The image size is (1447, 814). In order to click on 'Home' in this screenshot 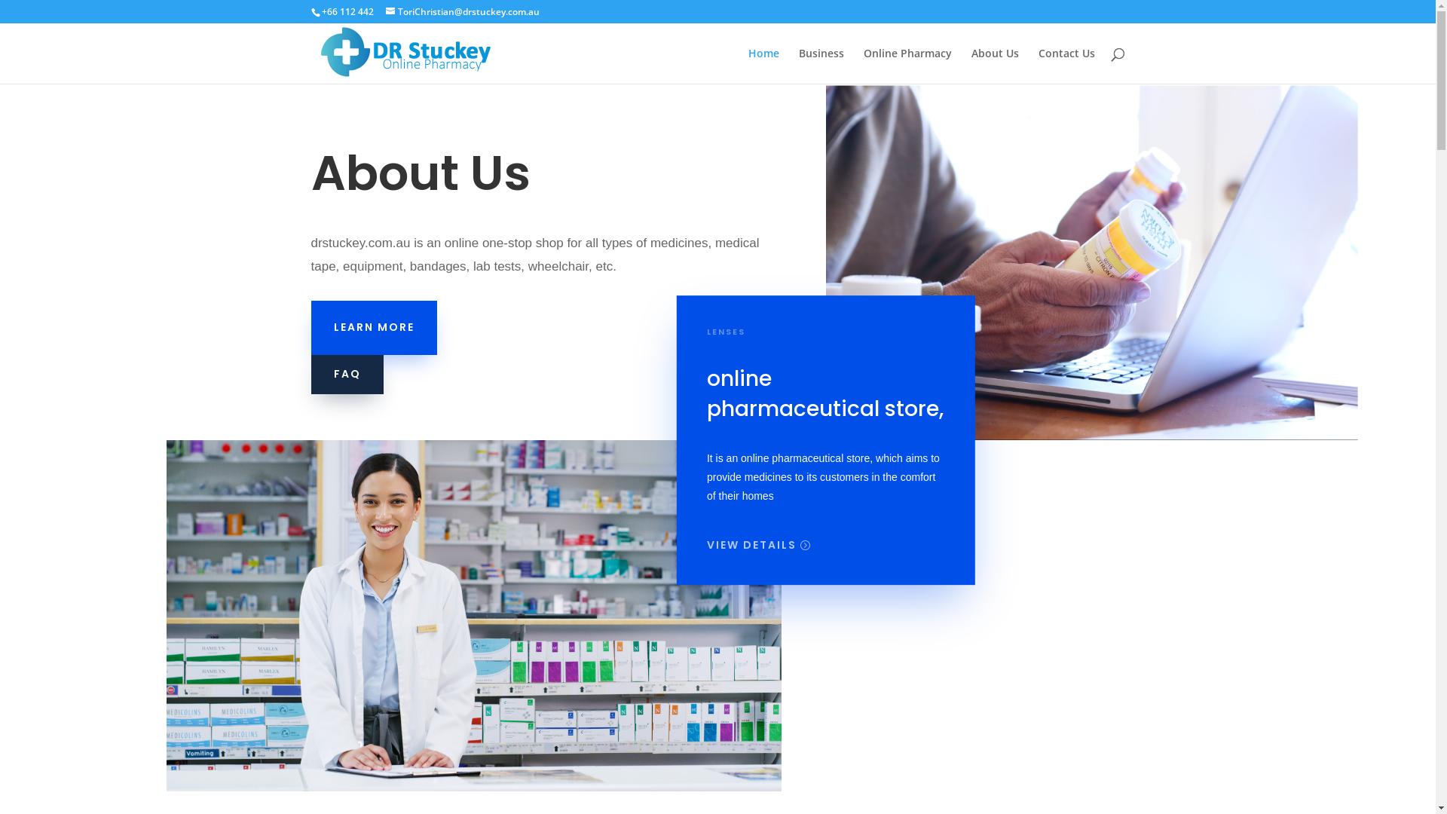, I will do `click(763, 65)`.